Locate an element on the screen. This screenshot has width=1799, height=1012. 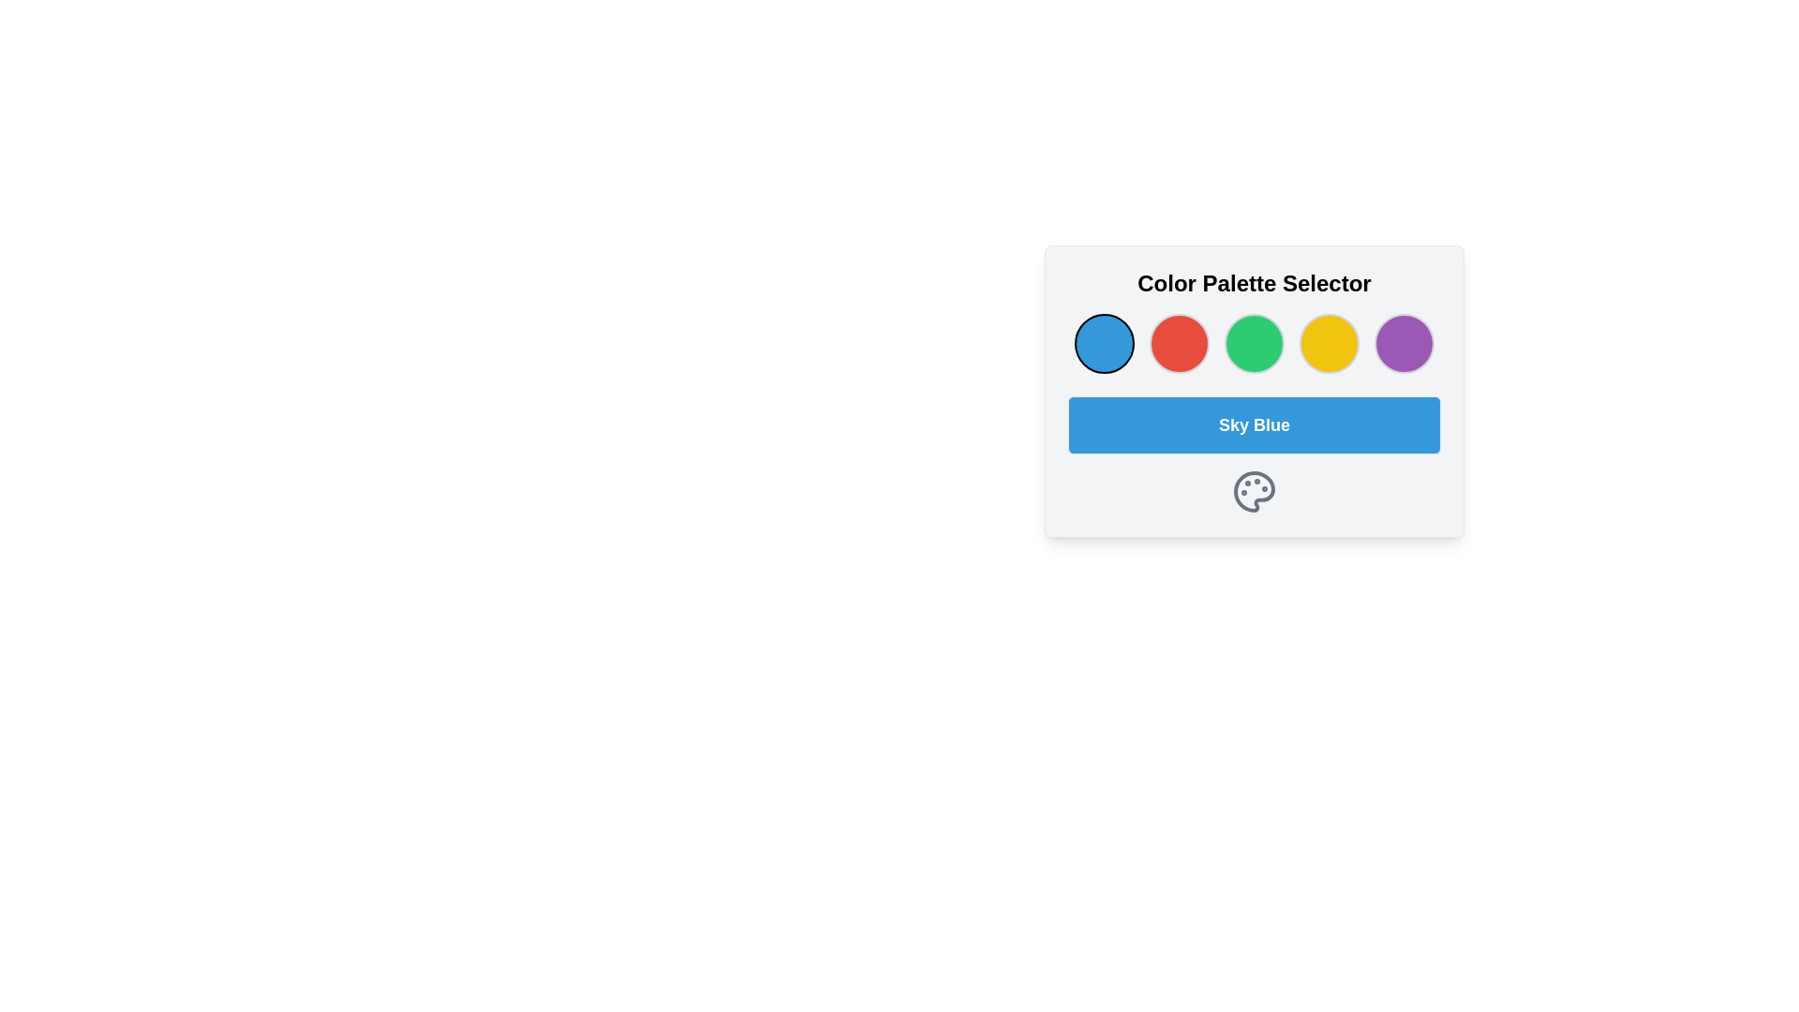
the decorative icon located at the bottom of the 'Color Palette Selector' interface, directly below the 'Sky Blue' button is located at coordinates (1255, 490).